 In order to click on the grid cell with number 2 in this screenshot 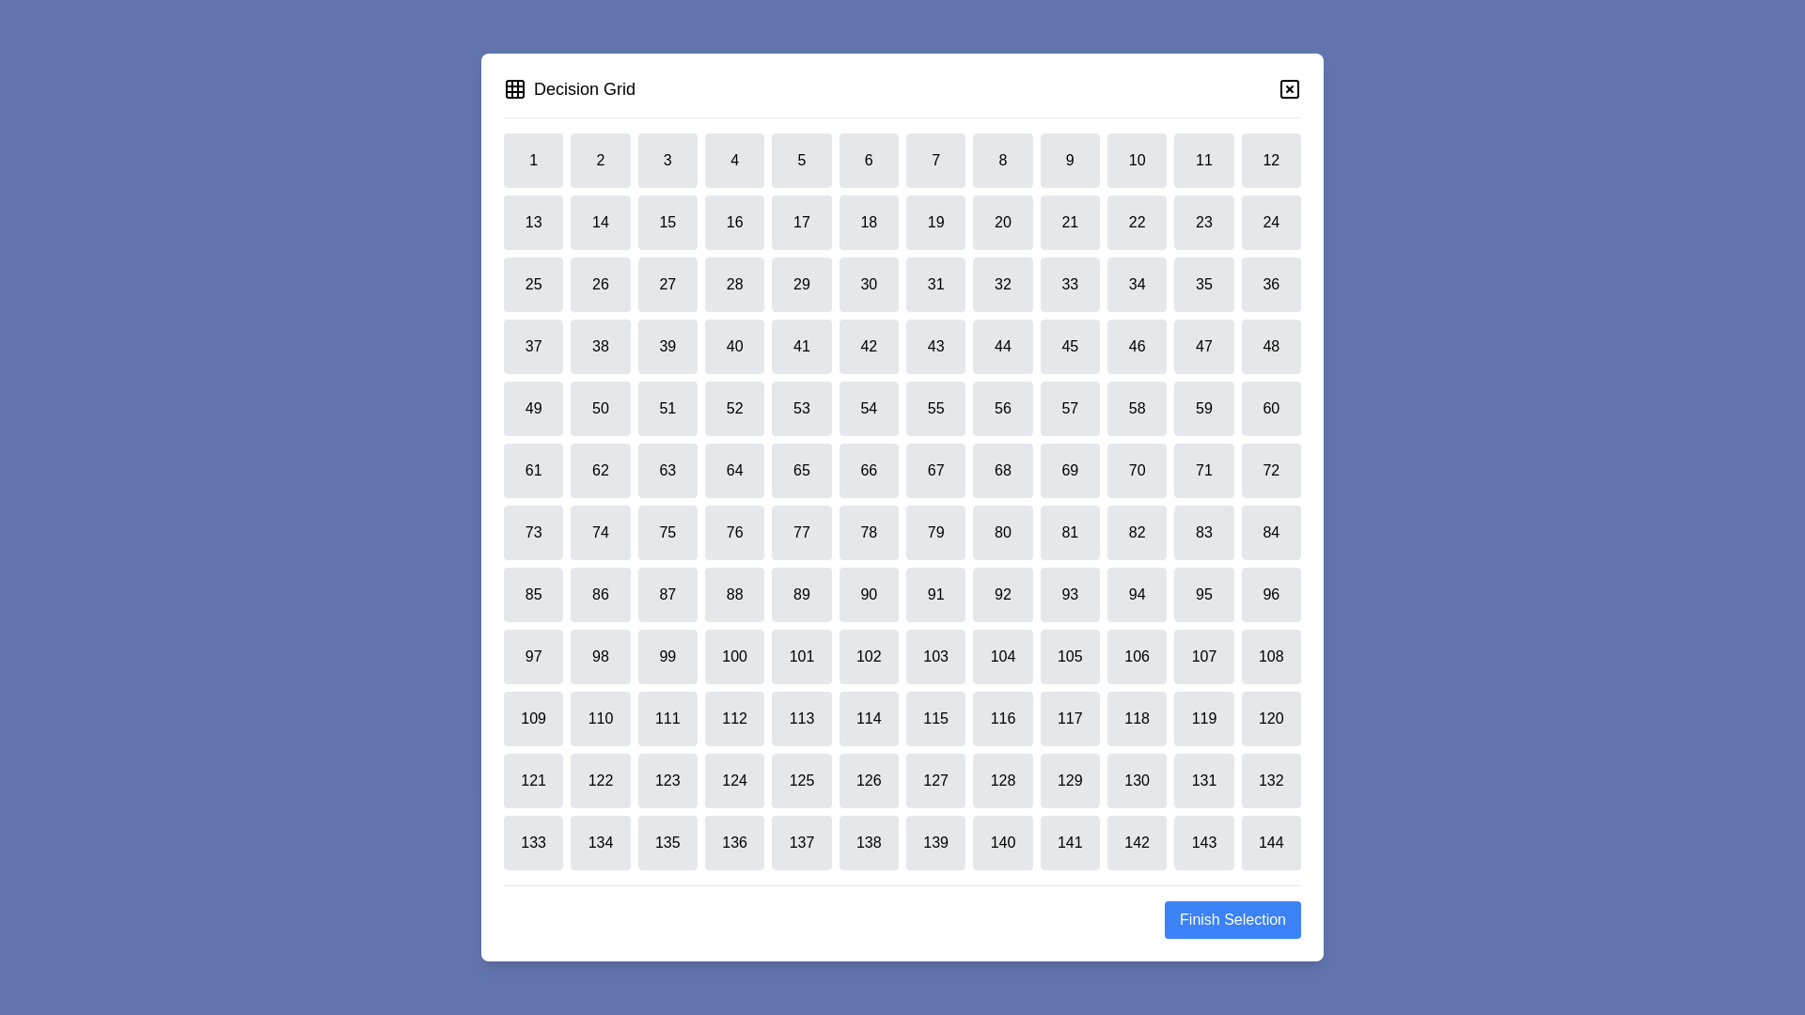, I will do `click(599, 159)`.